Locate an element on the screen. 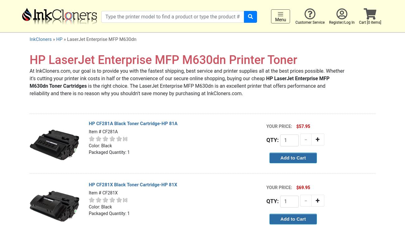  'is the right choice. The LaserJet Enterprise MFP M630dn is an excellent printer that offers performance and reliability and there is no reason why you shouldn't save money by purchasing at InkCloners.com.' is located at coordinates (177, 89).